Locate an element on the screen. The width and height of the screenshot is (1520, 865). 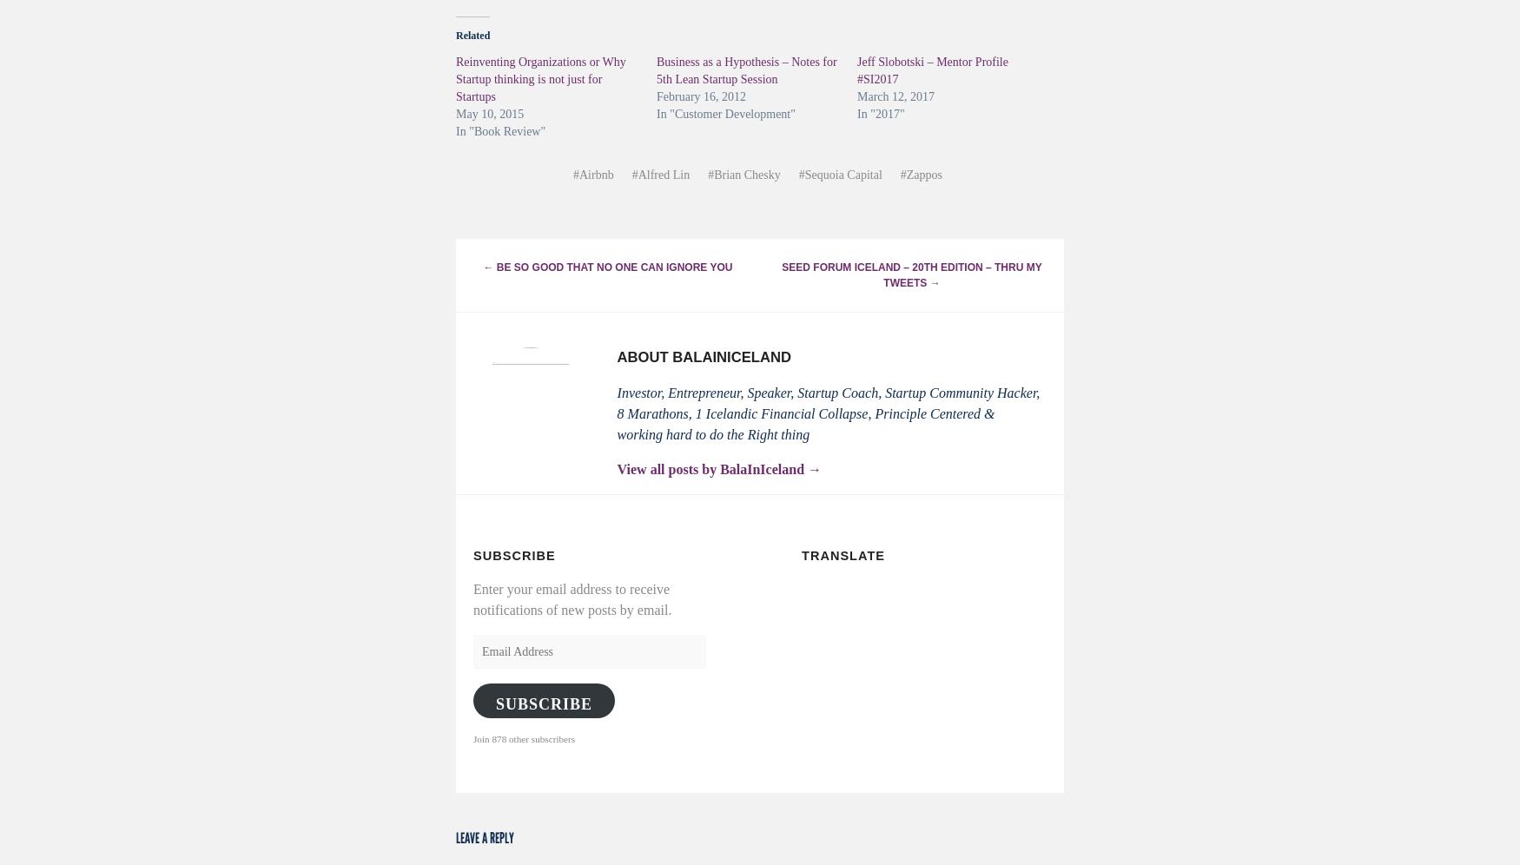
'Sequoia Capital' is located at coordinates (843, 174).